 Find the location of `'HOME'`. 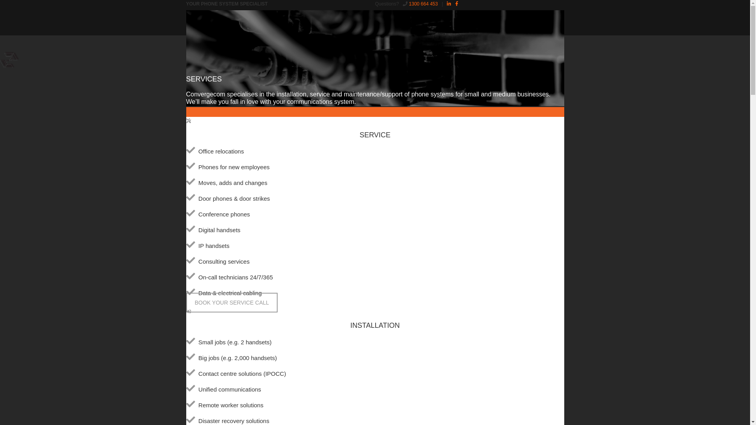

'HOME' is located at coordinates (185, 41).